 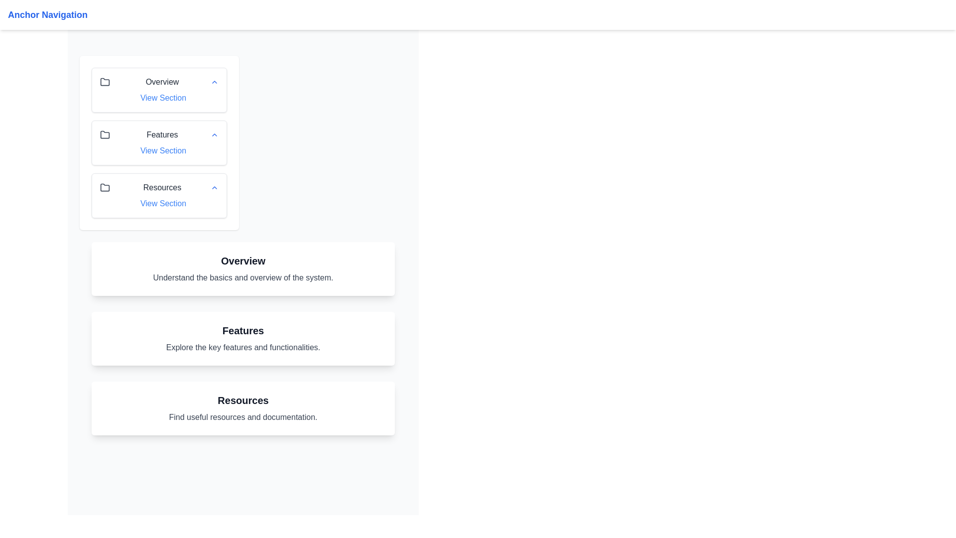 What do you see at coordinates (163, 98) in the screenshot?
I see `the blue, underlined hyperlink labeled 'View Section' located in the sidebar menu under the 'Overview' section` at bounding box center [163, 98].